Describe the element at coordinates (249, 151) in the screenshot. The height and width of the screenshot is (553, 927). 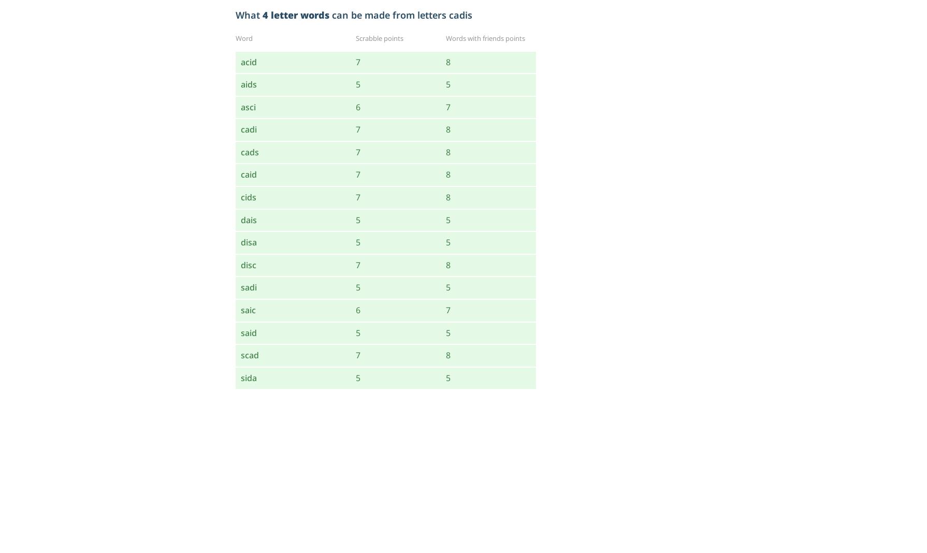
I see `'cads'` at that location.